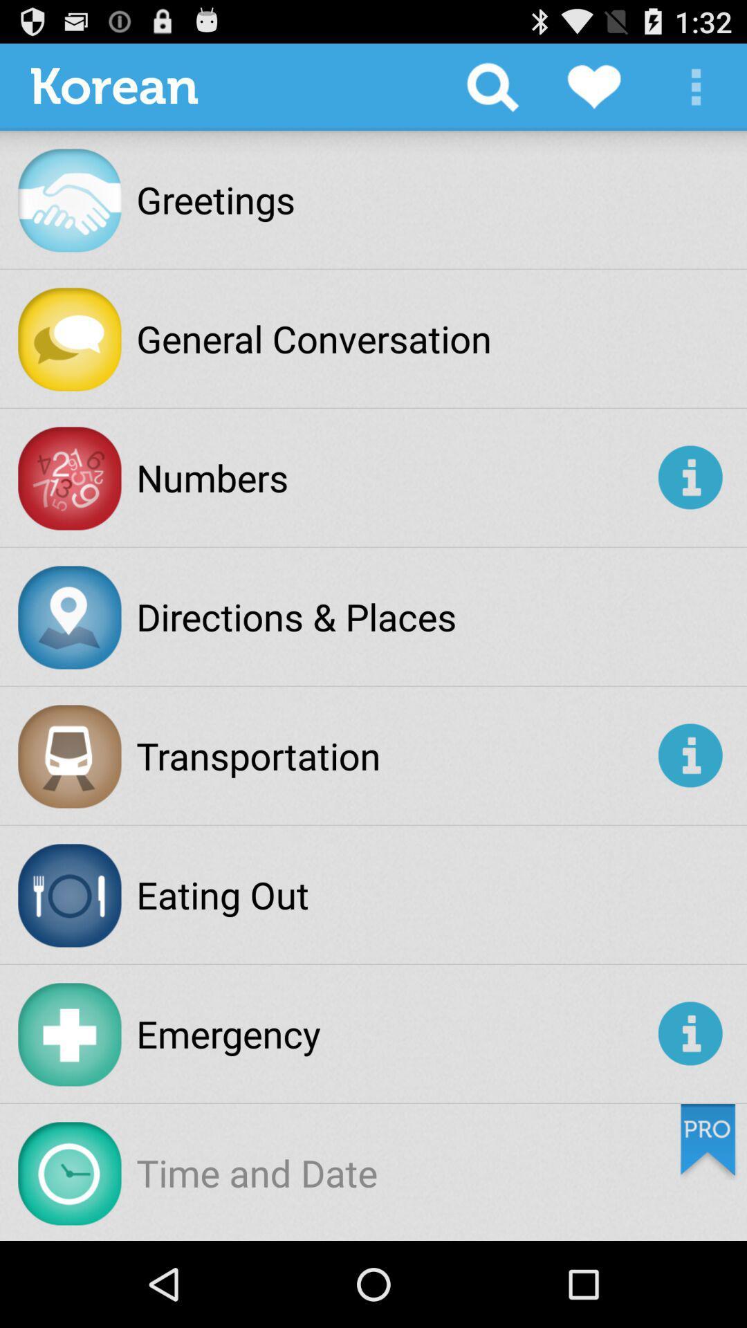 This screenshot has height=1328, width=747. What do you see at coordinates (295, 616) in the screenshot?
I see `the directions & places` at bounding box center [295, 616].